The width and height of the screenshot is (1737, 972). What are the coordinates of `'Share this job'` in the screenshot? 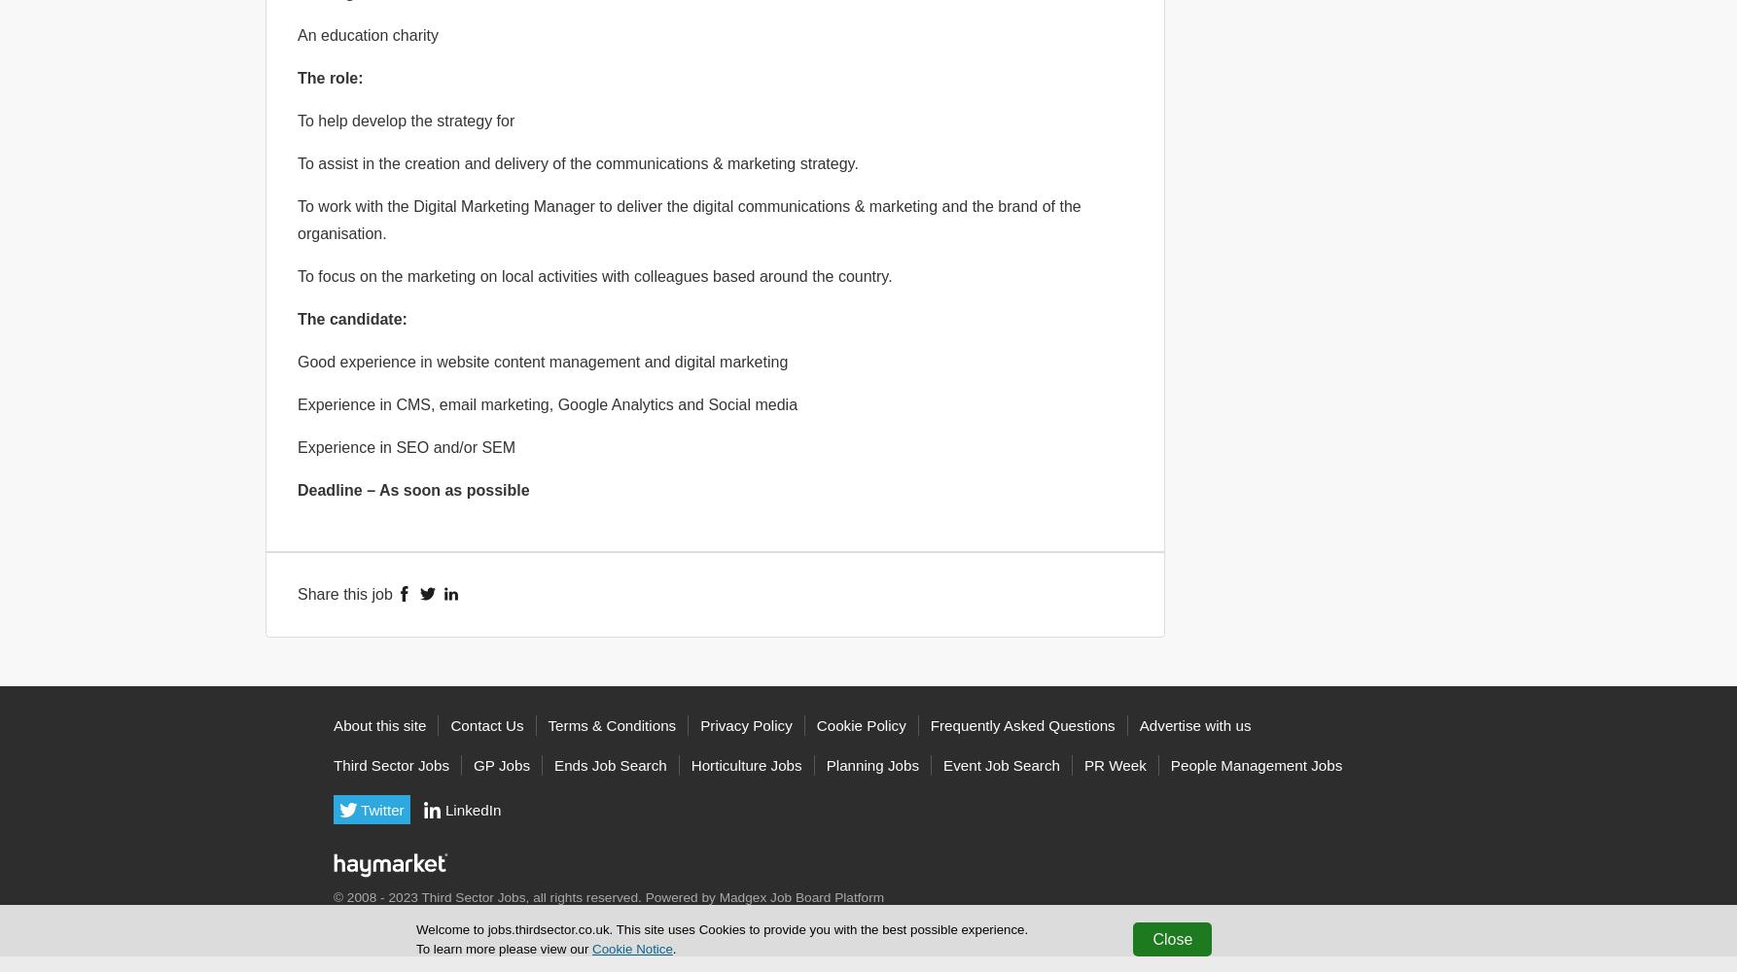 It's located at (344, 592).